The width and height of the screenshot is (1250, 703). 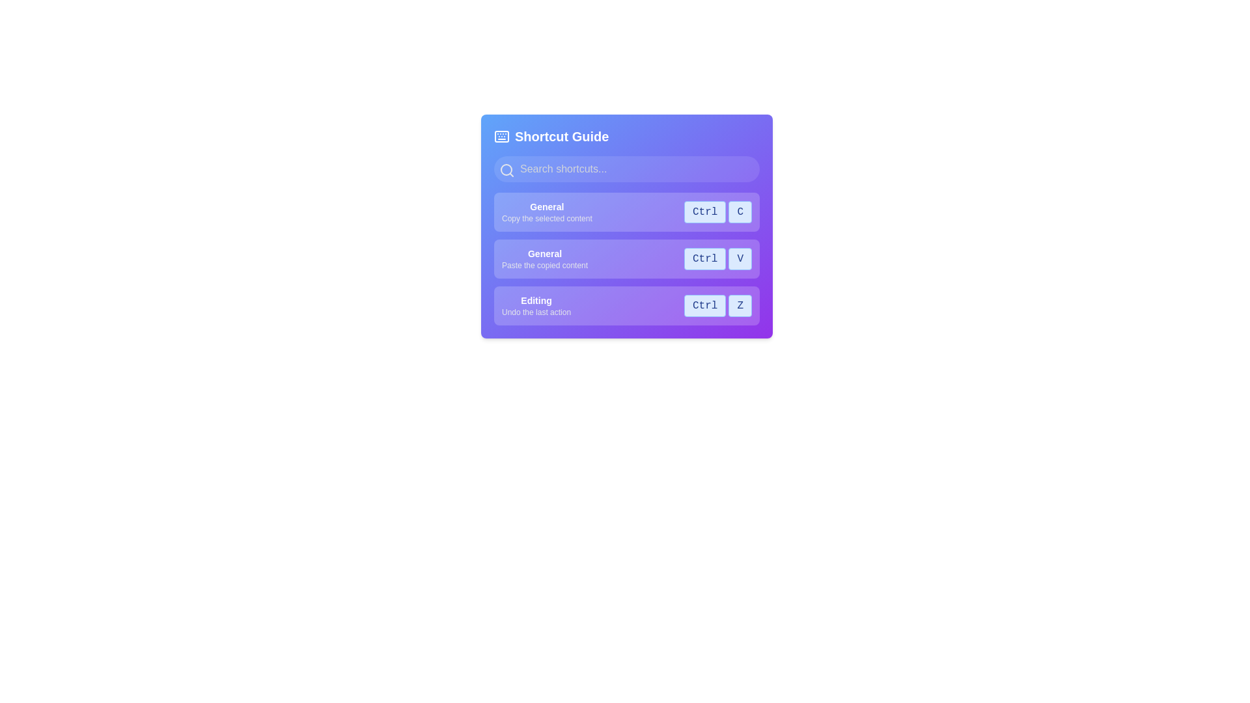 I want to click on the circular search icon component located in the upper-left section of the 'Shortcut Guide' dialog, so click(x=505, y=169).